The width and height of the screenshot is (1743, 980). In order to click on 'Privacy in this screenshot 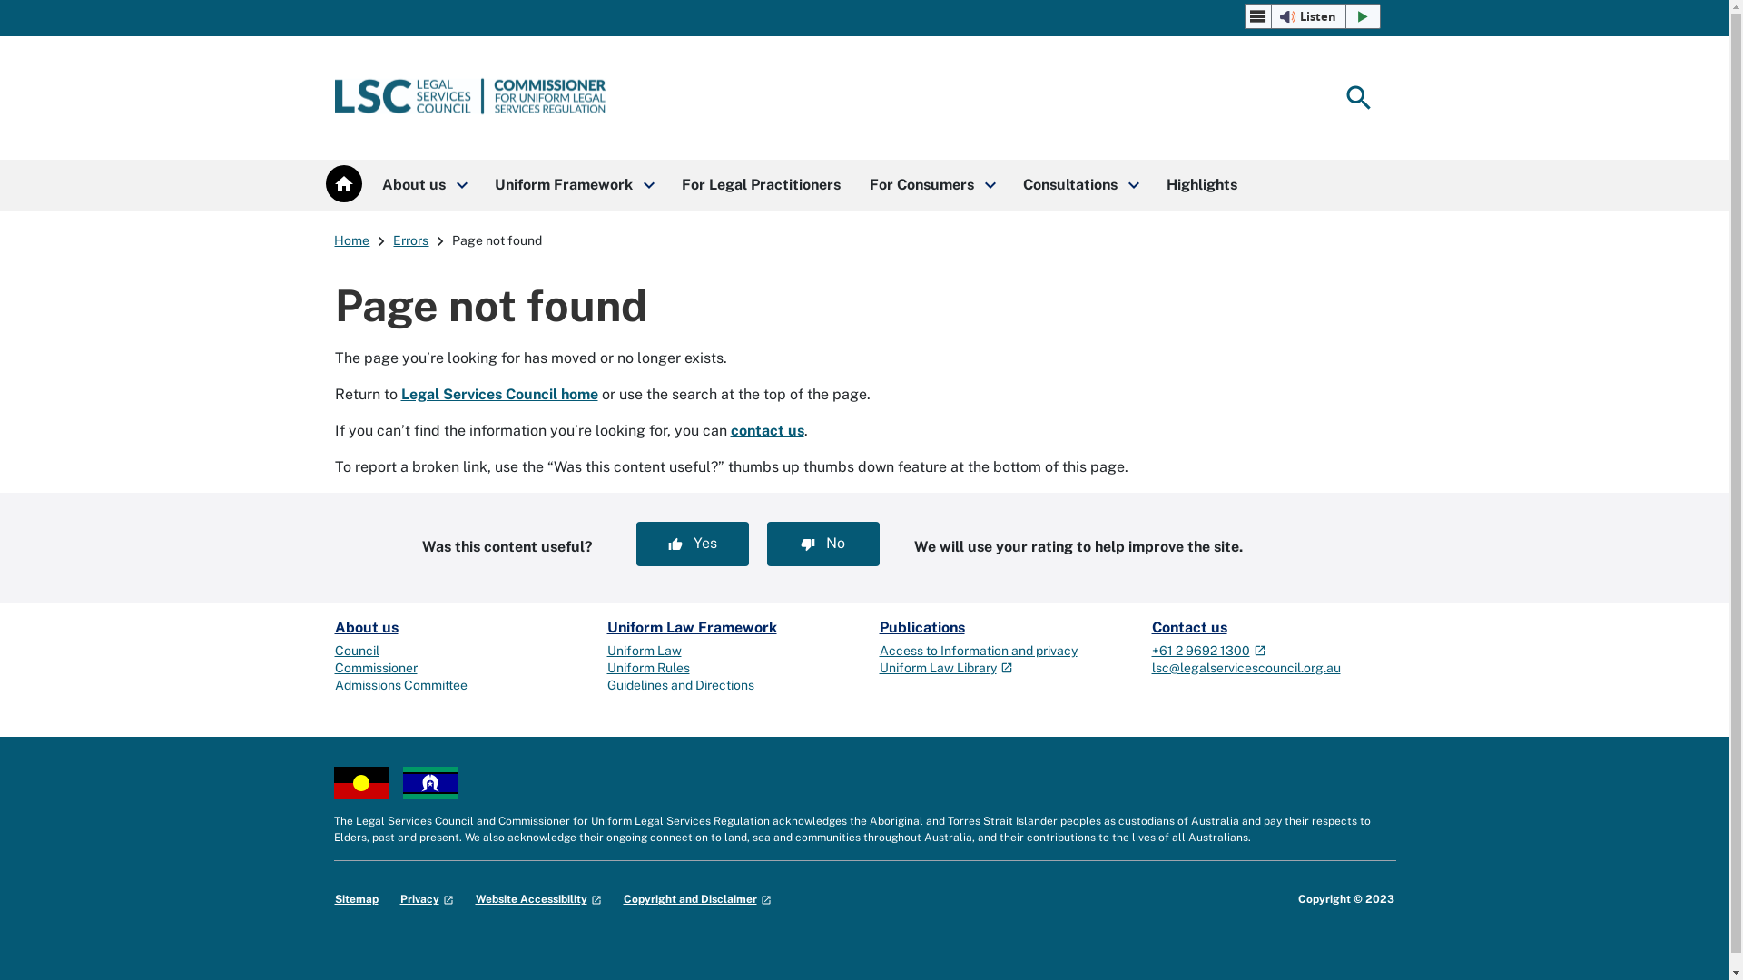, I will do `click(425, 899)`.